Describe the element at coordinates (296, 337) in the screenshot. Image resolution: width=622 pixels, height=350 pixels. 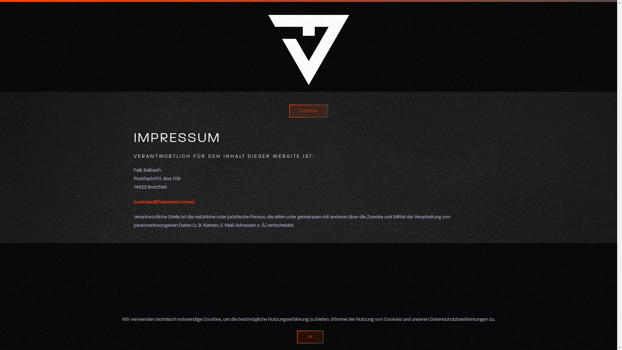
I see `'OK'` at that location.